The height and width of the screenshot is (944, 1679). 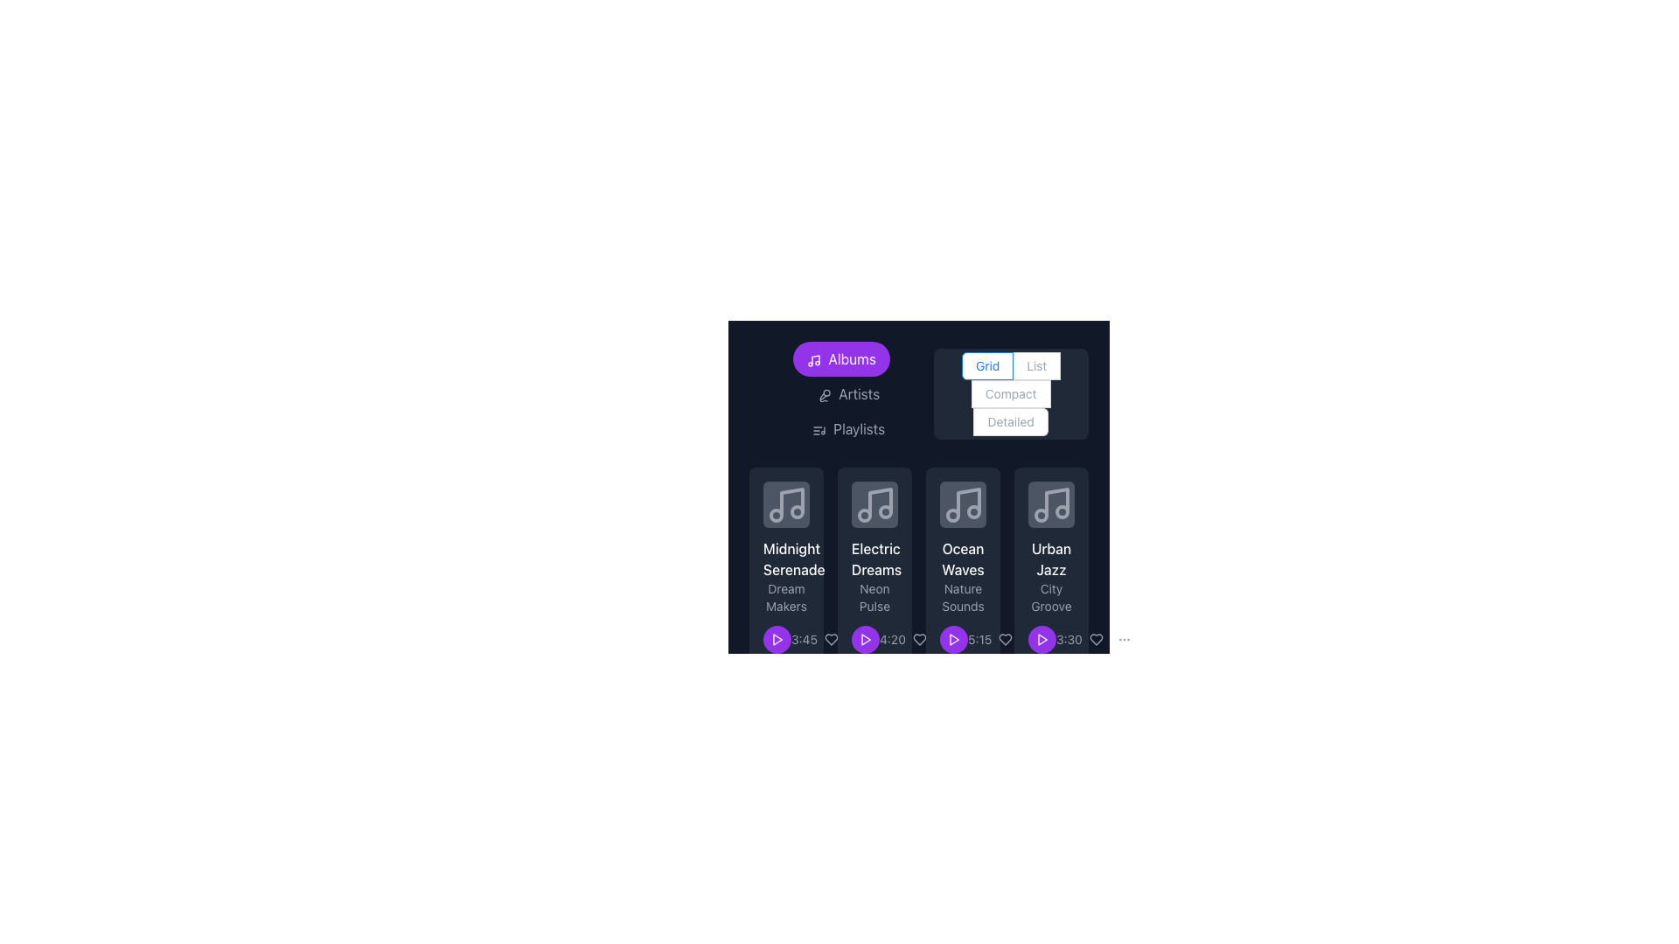 What do you see at coordinates (880, 502) in the screenshot?
I see `the musical notes icon located at the top-center of the 'Electric Dreams' album card` at bounding box center [880, 502].